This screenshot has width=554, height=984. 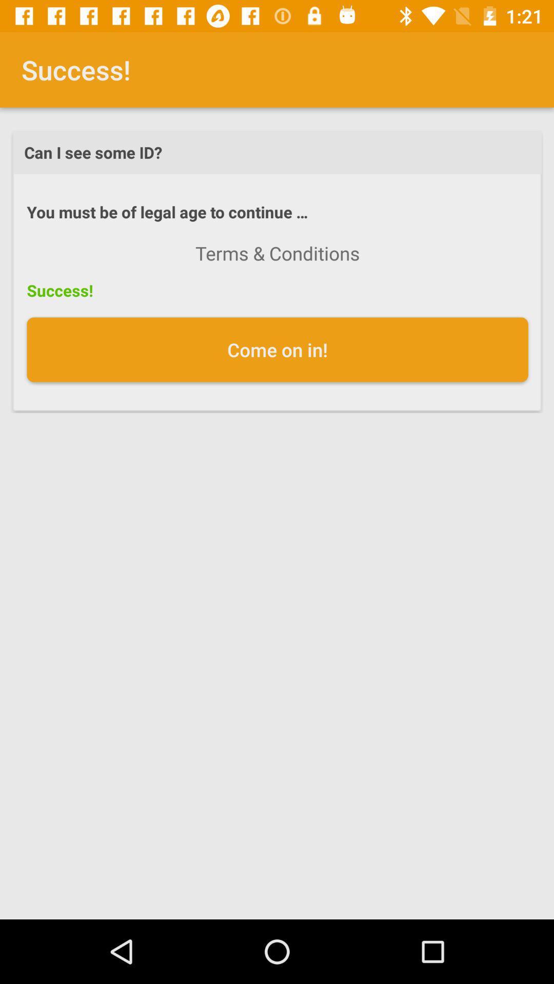 What do you see at coordinates (278, 253) in the screenshot?
I see `terms & conditions item` at bounding box center [278, 253].